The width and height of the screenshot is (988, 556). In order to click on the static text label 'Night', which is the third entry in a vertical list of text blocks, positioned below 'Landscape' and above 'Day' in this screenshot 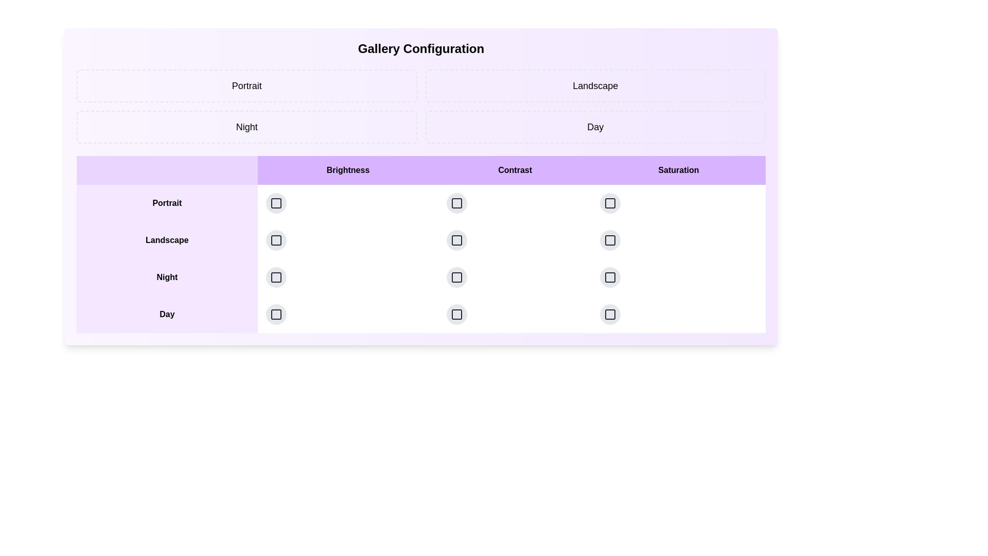, I will do `click(167, 277)`.